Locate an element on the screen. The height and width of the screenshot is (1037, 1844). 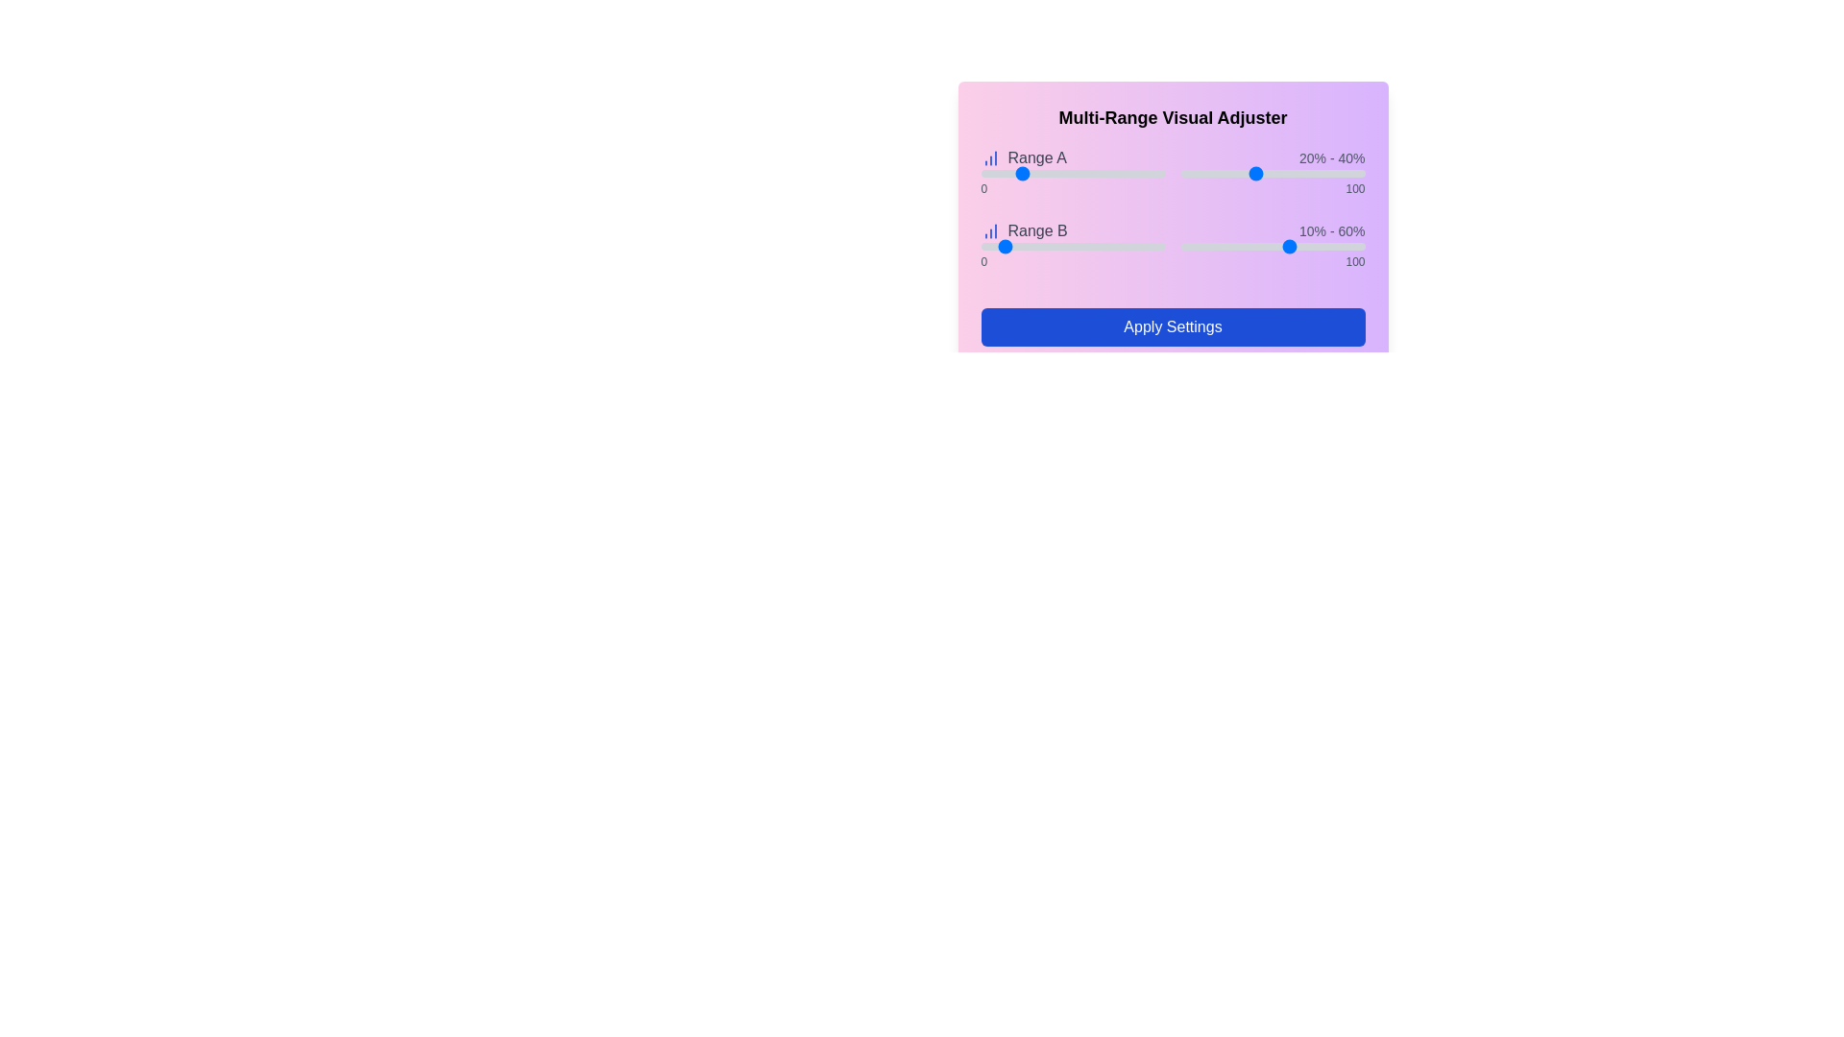
the slider is located at coordinates (1185, 174).